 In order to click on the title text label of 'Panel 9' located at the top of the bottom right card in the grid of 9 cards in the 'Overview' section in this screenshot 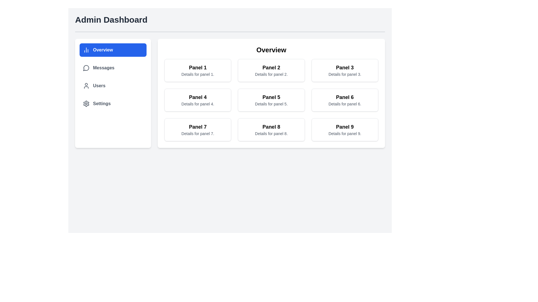, I will do `click(344, 127)`.